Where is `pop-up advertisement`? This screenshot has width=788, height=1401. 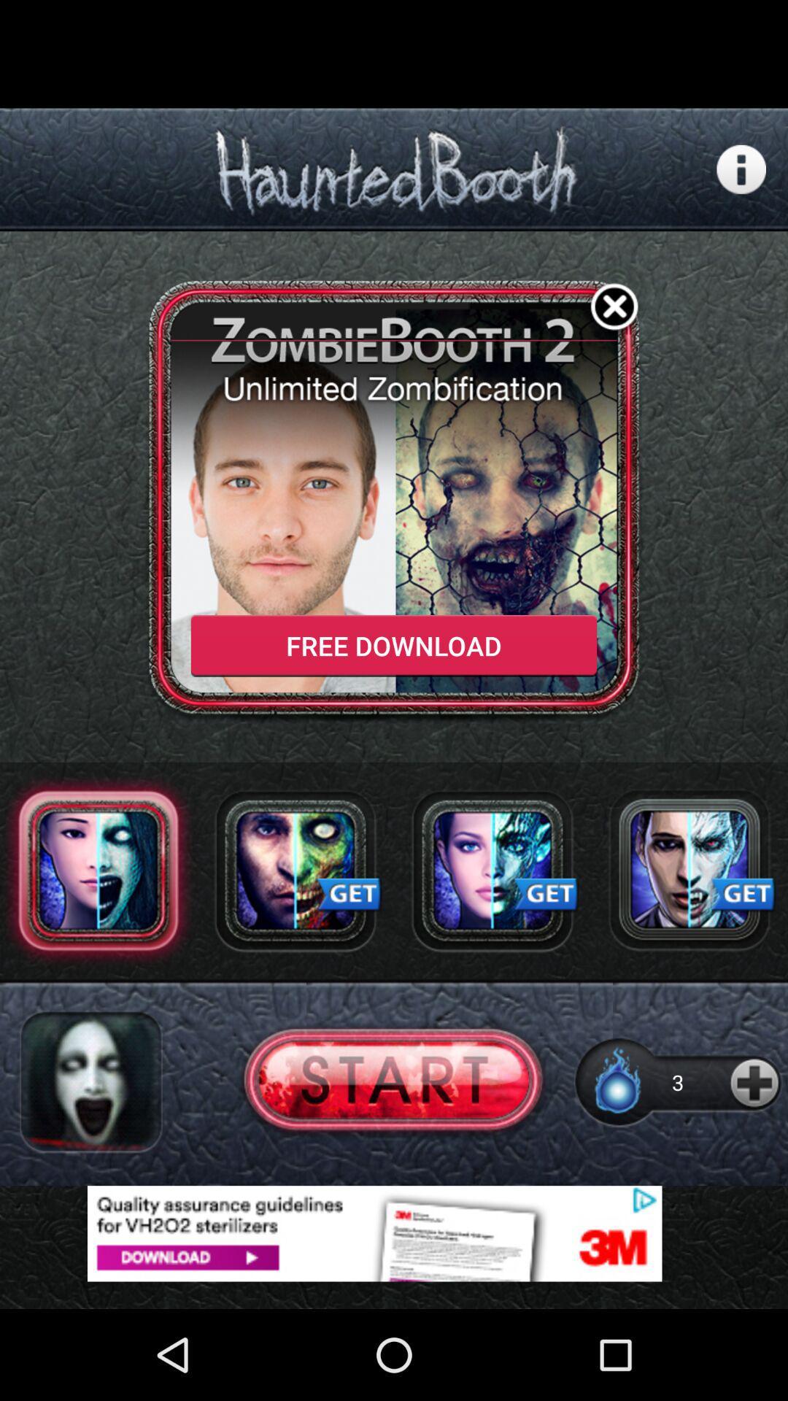
pop-up advertisement is located at coordinates (394, 1232).